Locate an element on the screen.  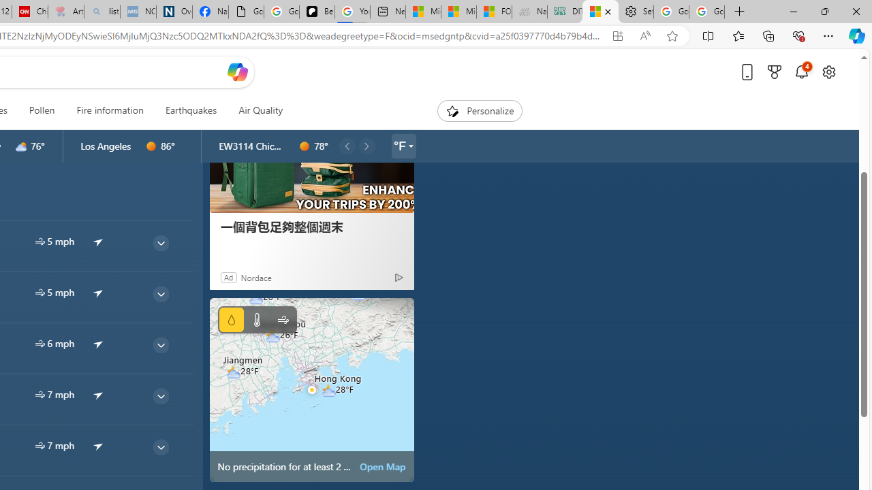
'Fire information' is located at coordinates (110, 110).